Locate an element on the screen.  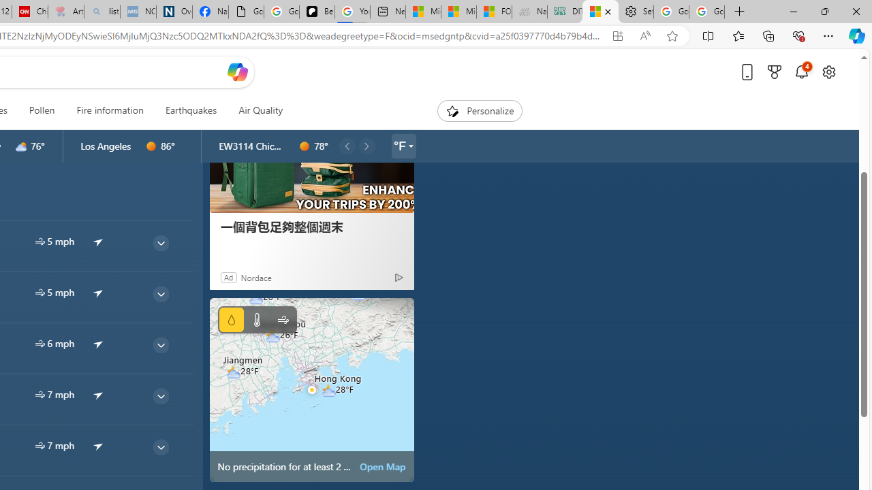
'Fire information' is located at coordinates (110, 110).